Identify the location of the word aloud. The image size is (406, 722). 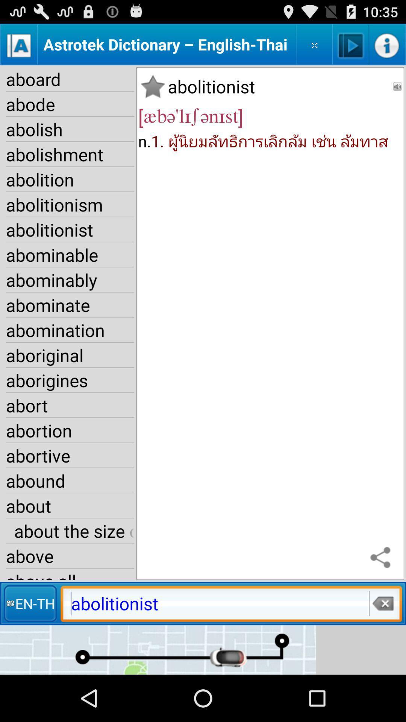
(351, 44).